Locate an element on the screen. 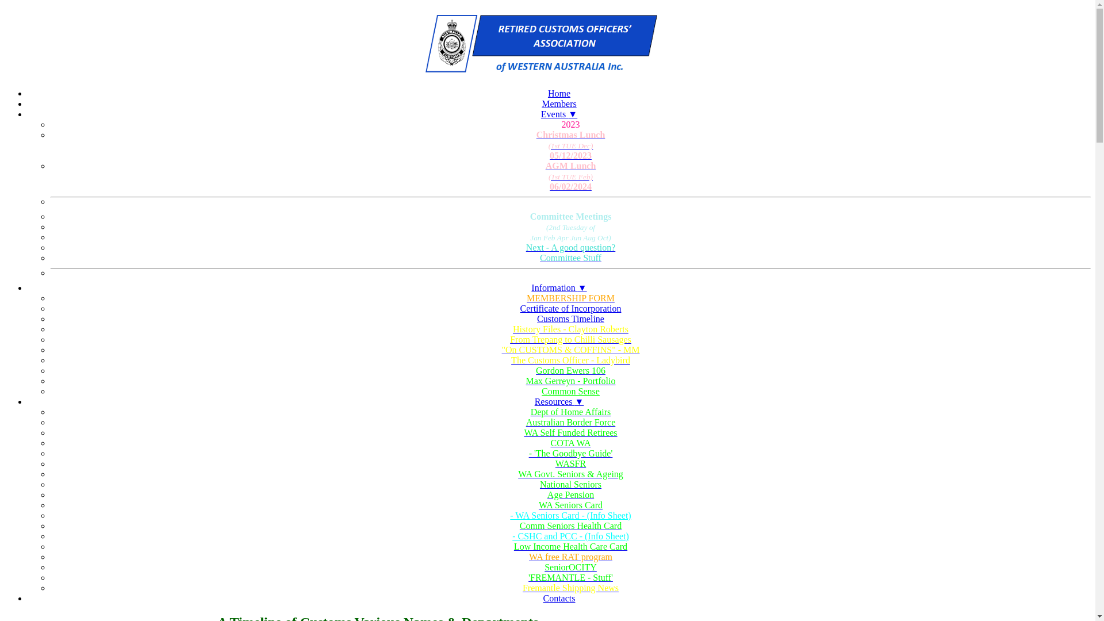 Image resolution: width=1104 pixels, height=621 pixels. 'Low Income Health Care Card' is located at coordinates (570, 546).